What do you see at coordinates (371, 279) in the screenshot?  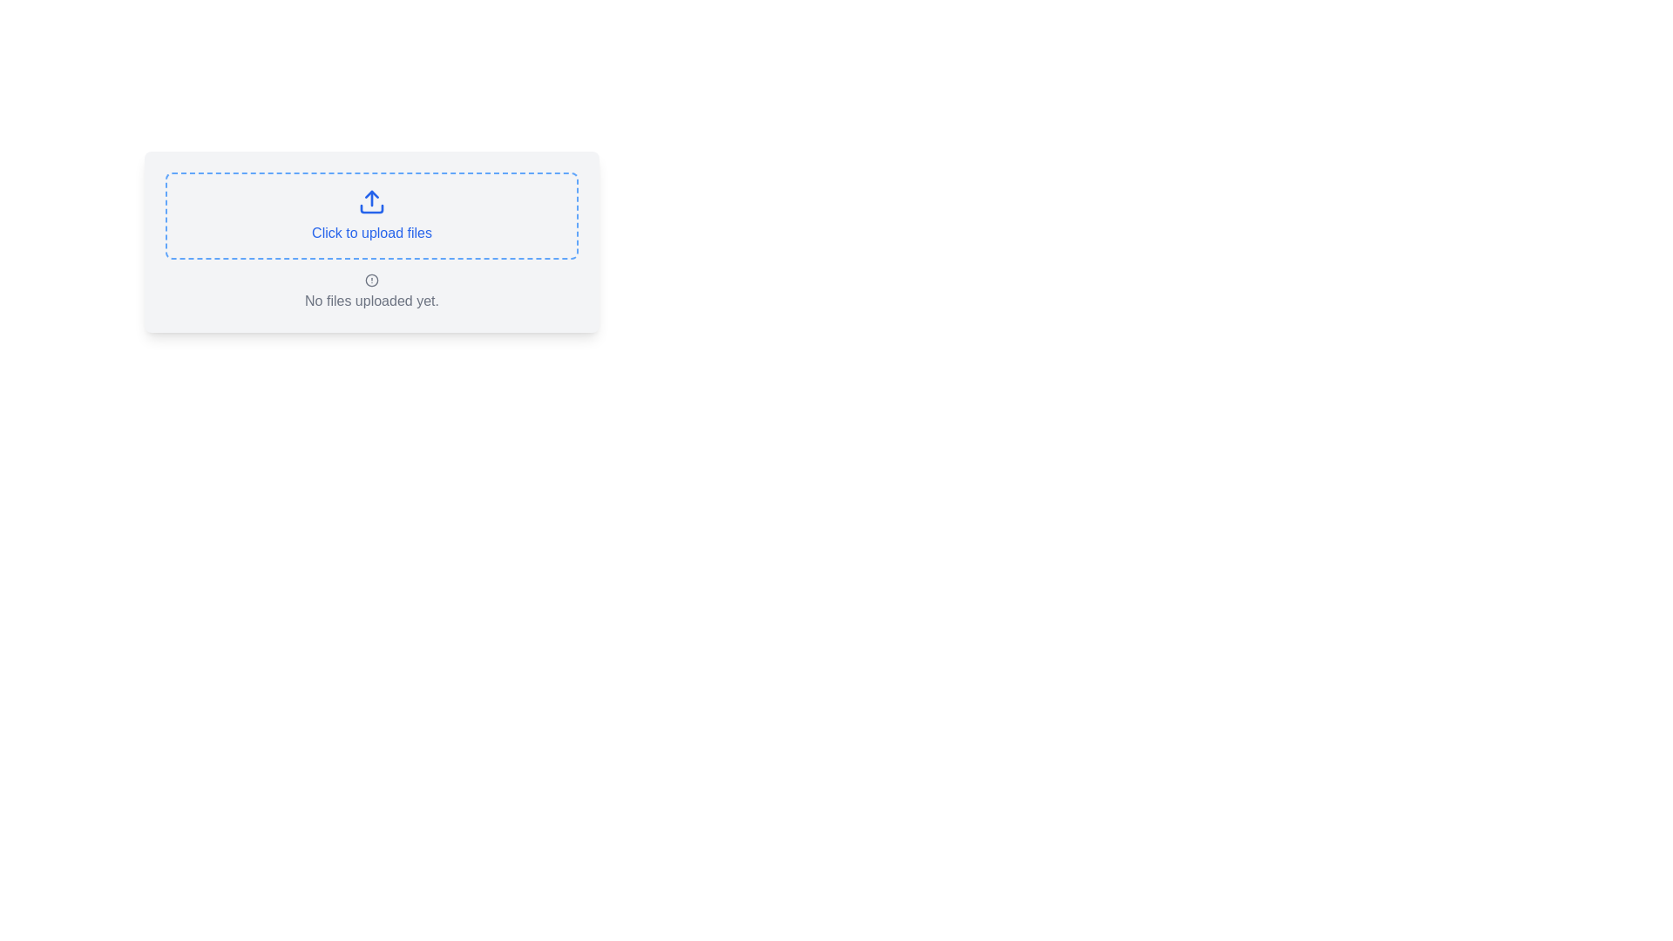 I see `the circular marker within the alert icon located below the 'Click to upload files' area on the webpage` at bounding box center [371, 279].